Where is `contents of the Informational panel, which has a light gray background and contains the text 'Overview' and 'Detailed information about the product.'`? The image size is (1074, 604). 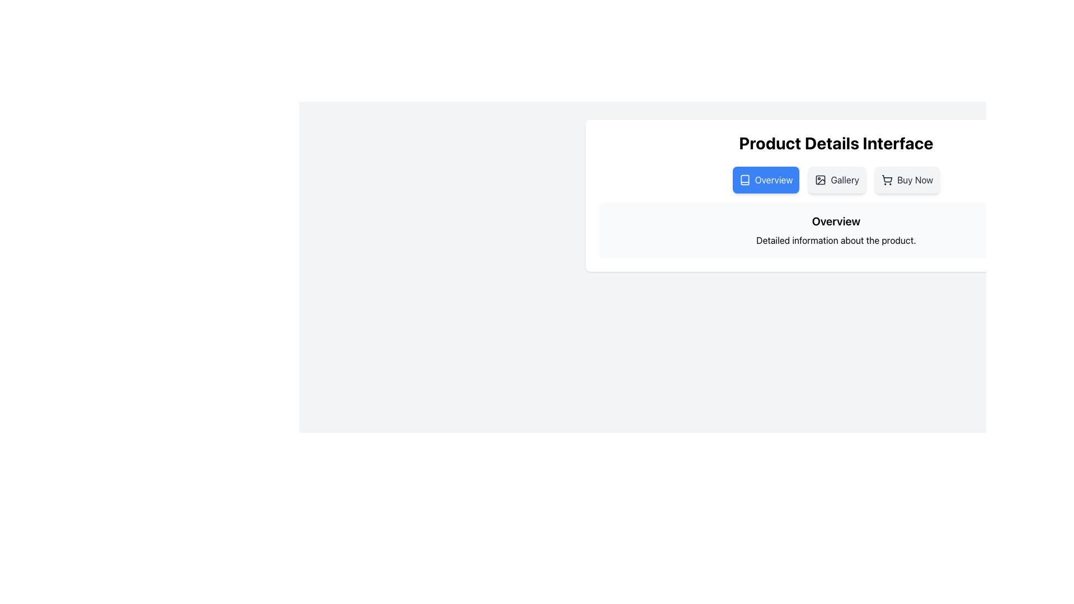
contents of the Informational panel, which has a light gray background and contains the text 'Overview' and 'Detailed information about the product.' is located at coordinates (836, 230).